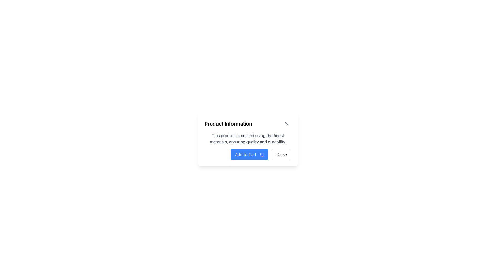 The width and height of the screenshot is (496, 279). What do you see at coordinates (248, 154) in the screenshot?
I see `the 'Add to Cart' button, which features a blue background, white text, and a shopping cart icon` at bounding box center [248, 154].